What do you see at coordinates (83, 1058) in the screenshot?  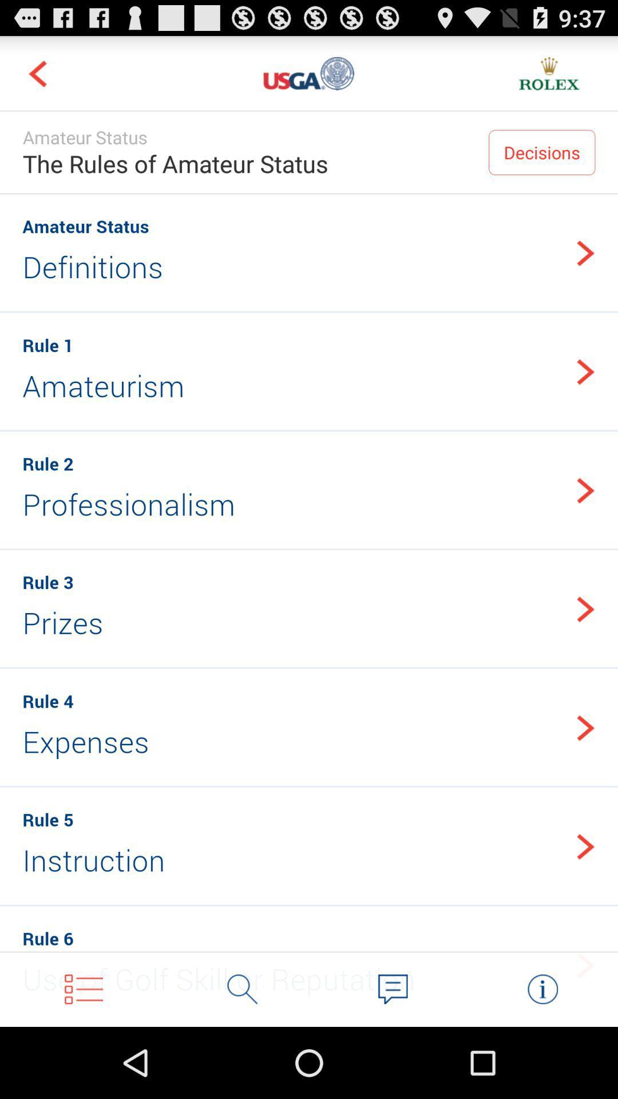 I see `the list icon` at bounding box center [83, 1058].